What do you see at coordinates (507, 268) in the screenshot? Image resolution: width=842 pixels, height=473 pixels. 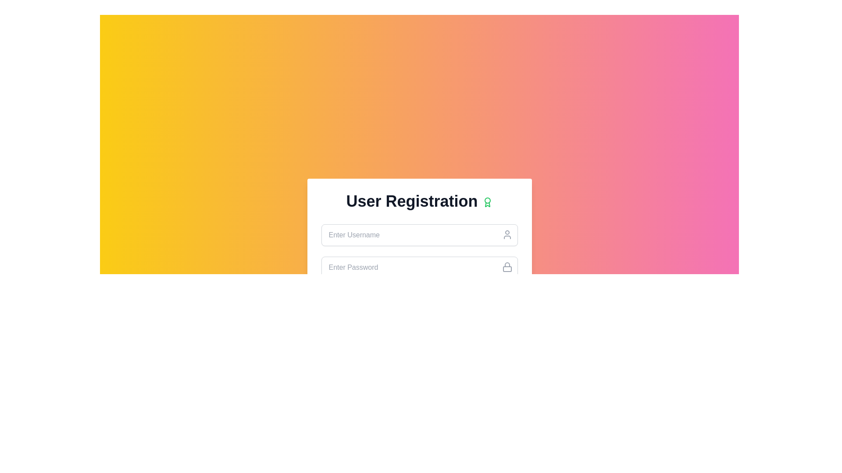 I see `the Decorative icon element, which resembles a lock body and is located to the right of the 'Enter Password' text field` at bounding box center [507, 268].